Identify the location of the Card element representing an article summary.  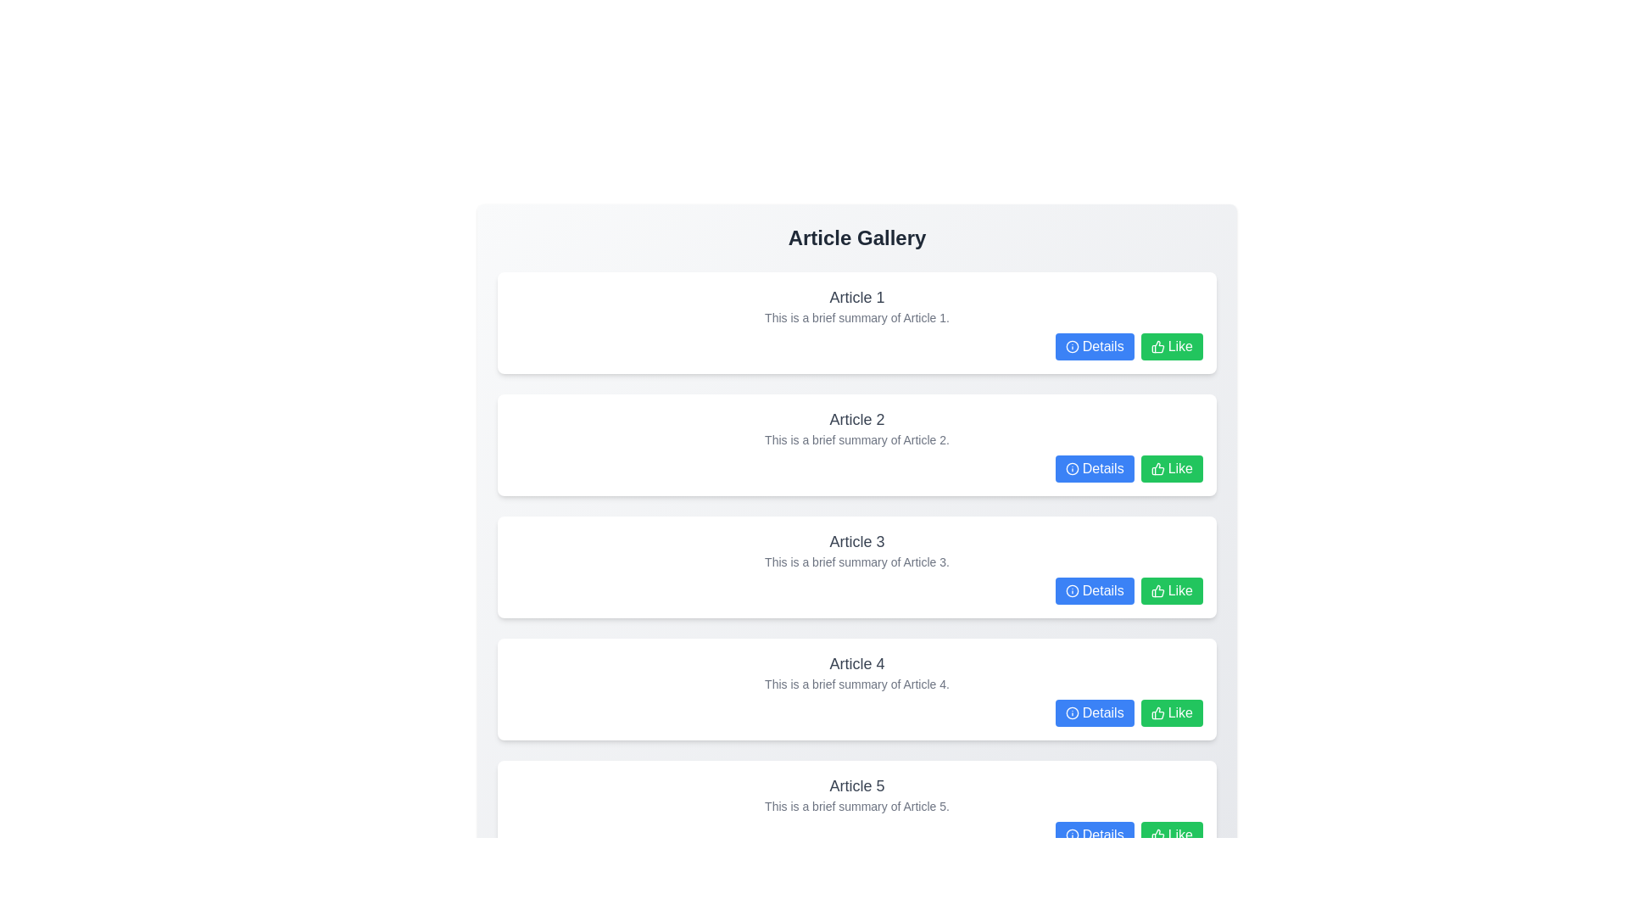
(857, 690).